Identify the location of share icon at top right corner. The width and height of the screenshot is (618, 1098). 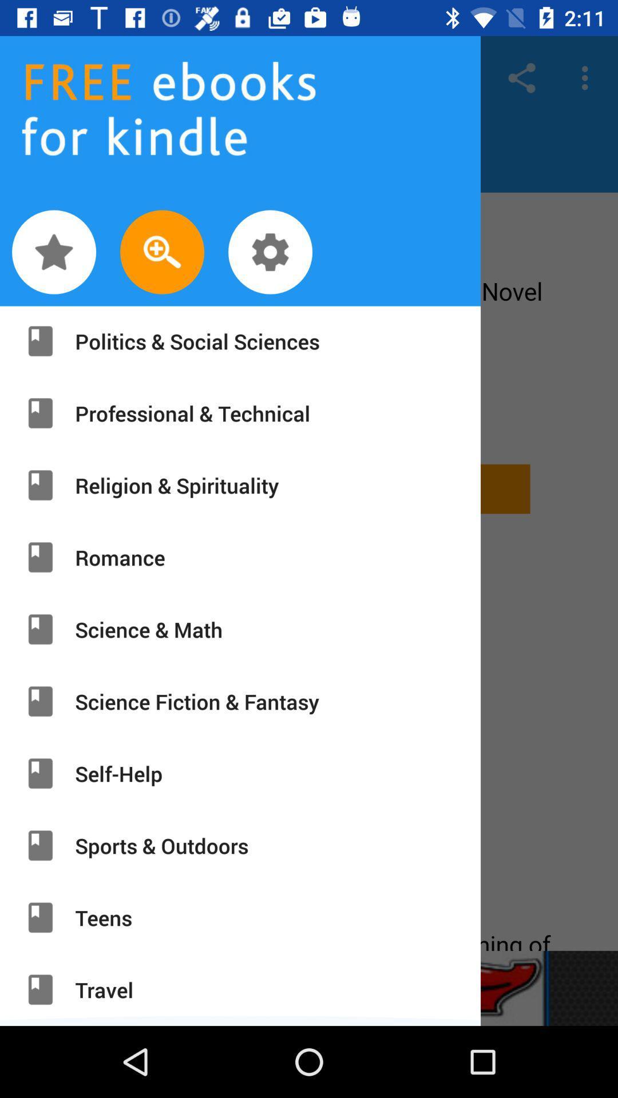
(521, 78).